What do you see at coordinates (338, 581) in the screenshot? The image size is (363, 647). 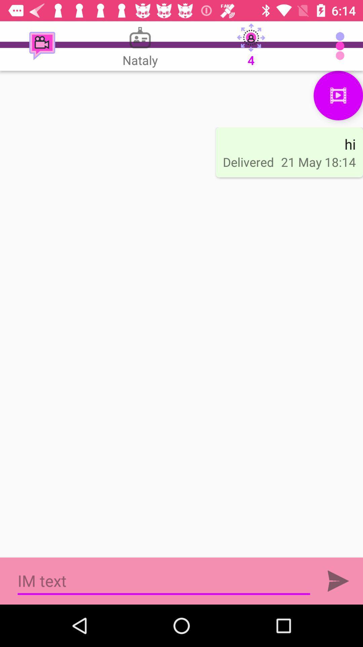 I see `the send icon` at bounding box center [338, 581].